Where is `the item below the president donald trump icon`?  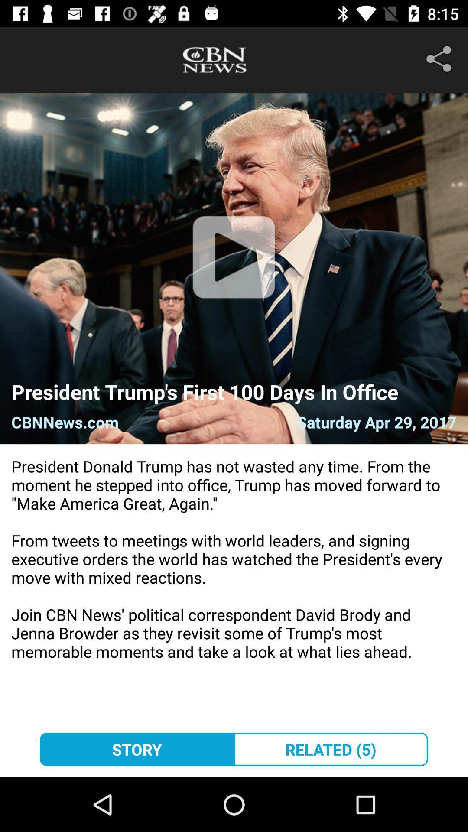
the item below the president donald trump icon is located at coordinates (331, 749).